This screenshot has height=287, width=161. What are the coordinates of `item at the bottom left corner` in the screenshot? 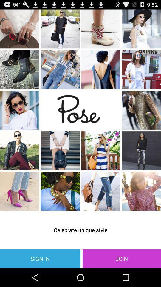 It's located at (40, 258).